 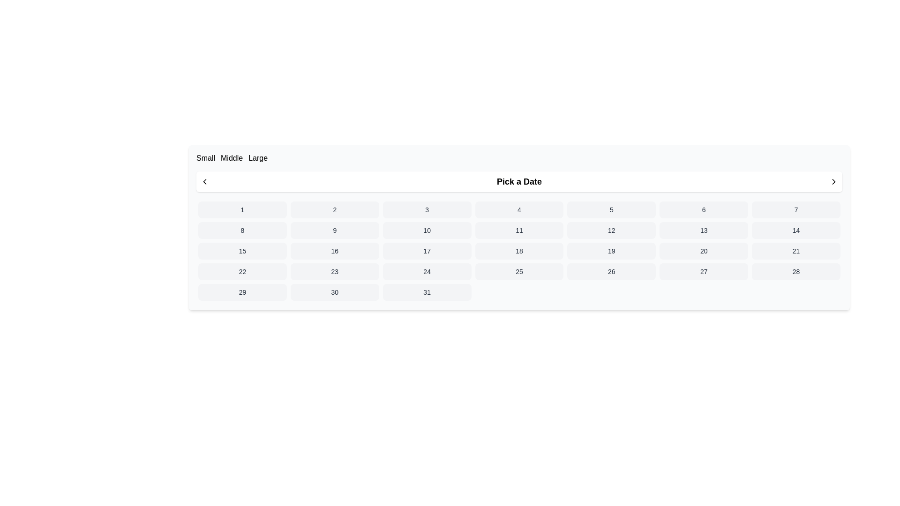 I want to click on the rectangular button with rounded corners displaying the number '4' in dark gray text, so click(x=519, y=209).